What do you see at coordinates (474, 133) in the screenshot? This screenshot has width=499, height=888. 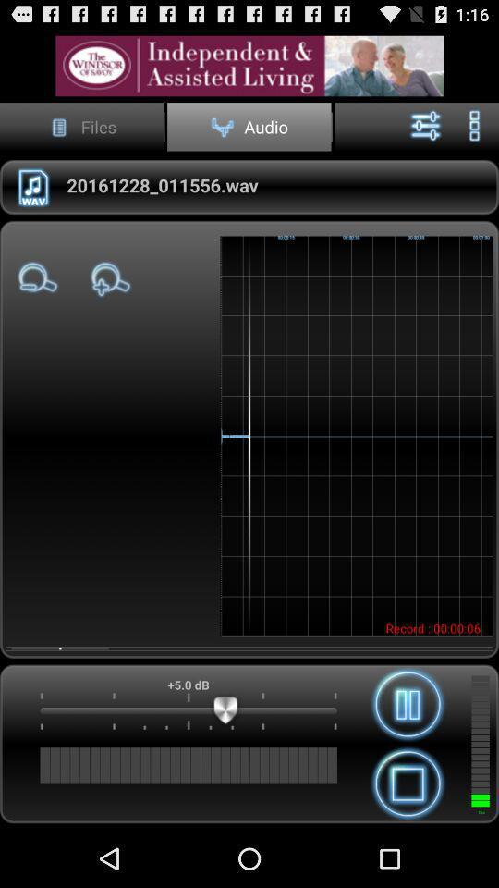 I see `the more icon` at bounding box center [474, 133].